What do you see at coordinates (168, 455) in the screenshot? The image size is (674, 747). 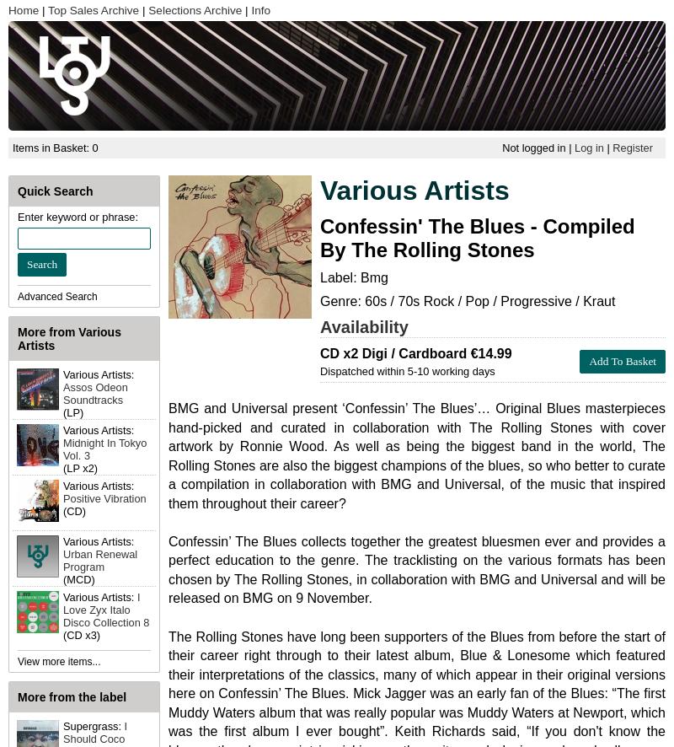 I see `'BMG and Universal present ‘Confessin’ The Blues’… Original Blues masterpieces hand-picked and curated in collaboration with The Rolling Stones with cover artwork by Ronnie Wood. As well as being the biggest band in the world, The Rolling Stones are also the biggest champions of the blues, so who better to curate a compilation in collaboration with BMG and Universal, of the music that inspired them throughout their career?'` at bounding box center [168, 455].